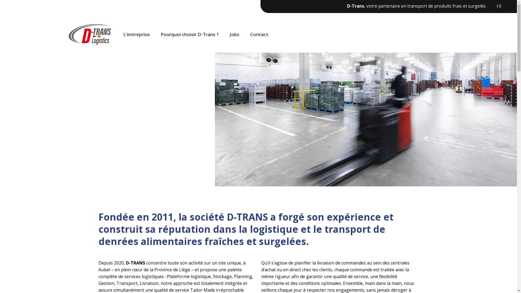 The width and height of the screenshot is (521, 293). Describe the element at coordinates (244, 34) in the screenshot. I see `'Contact'` at that location.